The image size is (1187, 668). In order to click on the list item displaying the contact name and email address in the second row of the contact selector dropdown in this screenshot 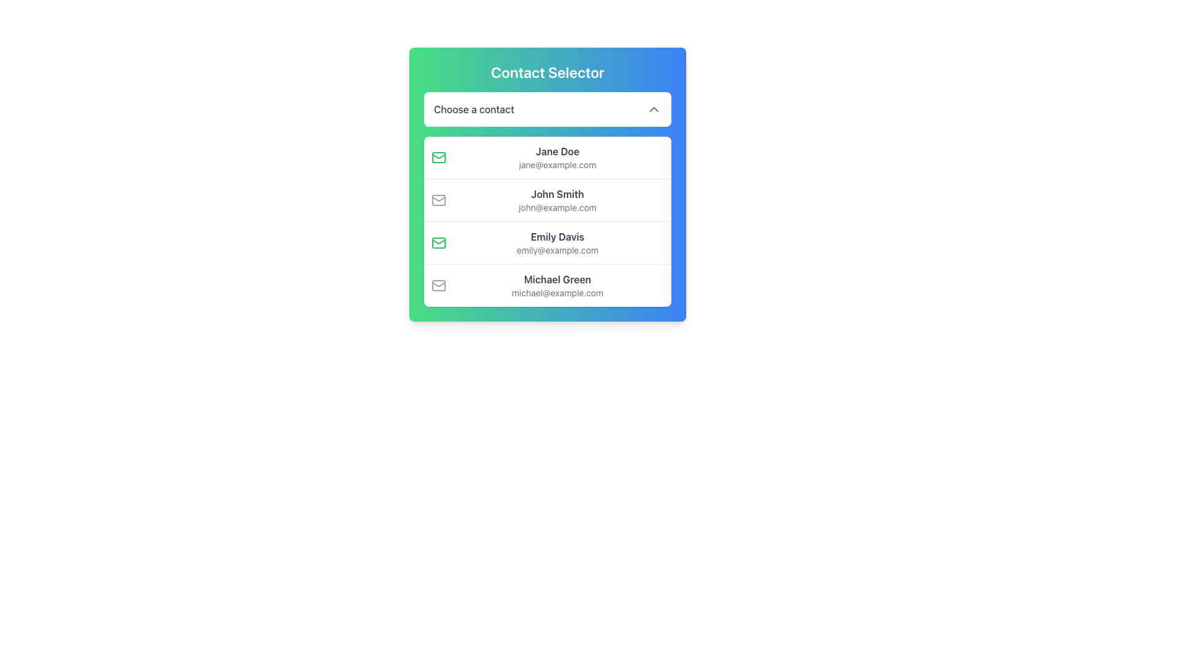, I will do `click(557, 156)`.